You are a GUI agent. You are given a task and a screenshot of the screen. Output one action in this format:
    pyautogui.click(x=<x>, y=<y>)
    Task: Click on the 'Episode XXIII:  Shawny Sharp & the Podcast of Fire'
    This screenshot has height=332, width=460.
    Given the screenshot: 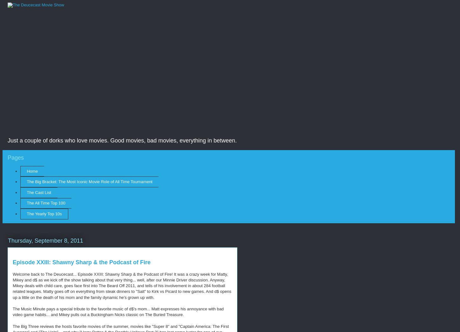 What is the action you would take?
    pyautogui.click(x=82, y=262)
    